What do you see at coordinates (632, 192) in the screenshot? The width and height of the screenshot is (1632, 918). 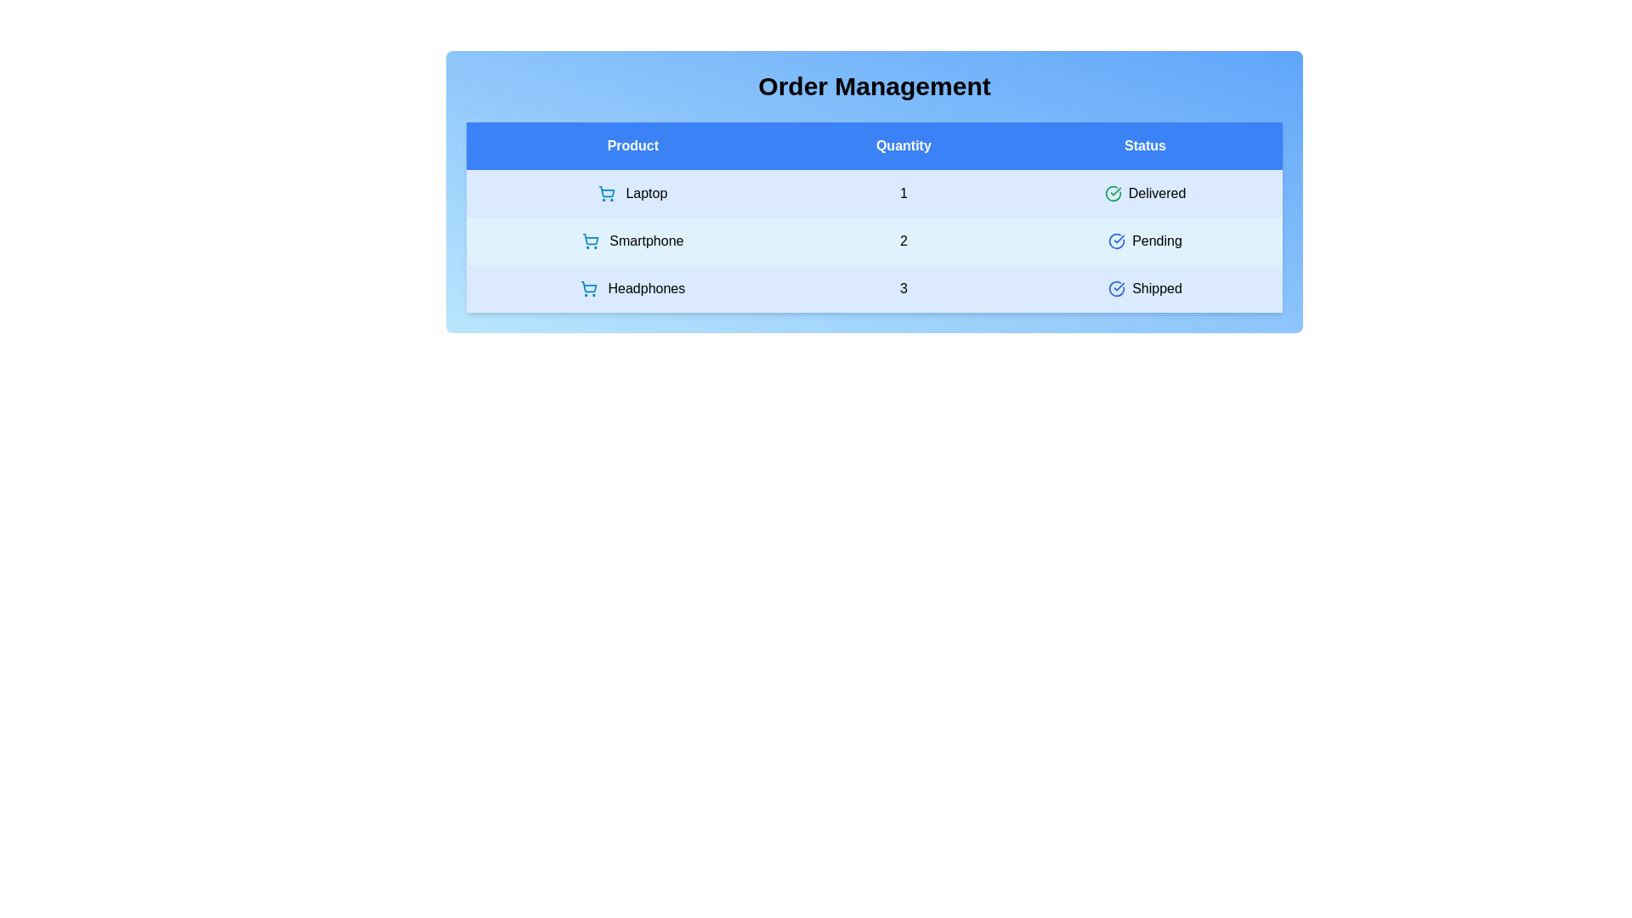 I see `the product name Laptop to select it` at bounding box center [632, 192].